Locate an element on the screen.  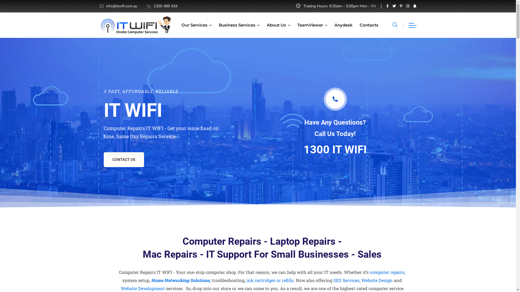
'Business Services' is located at coordinates (239, 25).